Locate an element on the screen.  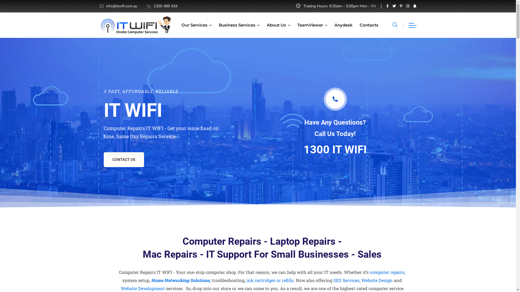
'Business Services' is located at coordinates (239, 25).